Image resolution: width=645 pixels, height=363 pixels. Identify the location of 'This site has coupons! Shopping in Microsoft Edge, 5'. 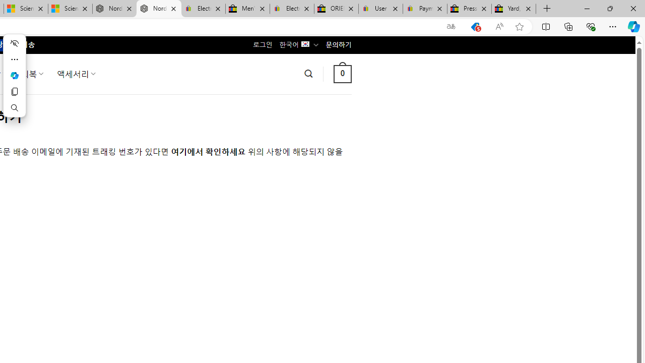
(475, 26).